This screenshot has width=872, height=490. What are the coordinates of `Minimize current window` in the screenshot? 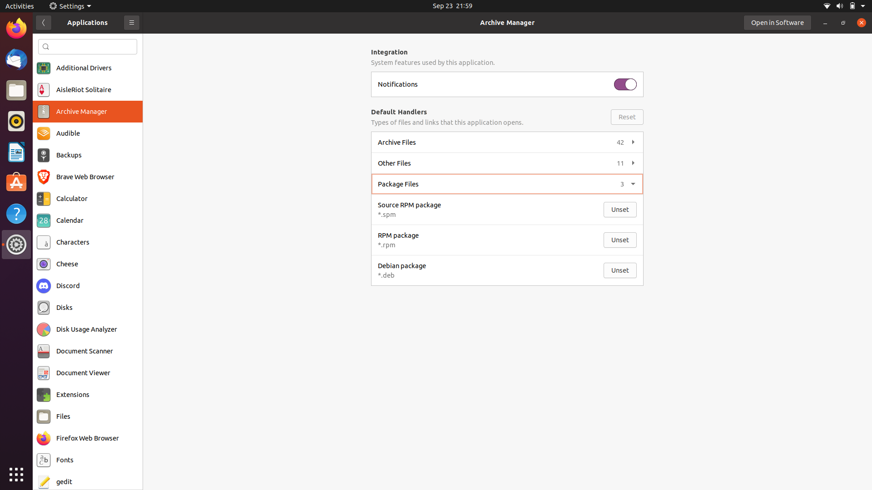 It's located at (826, 22).